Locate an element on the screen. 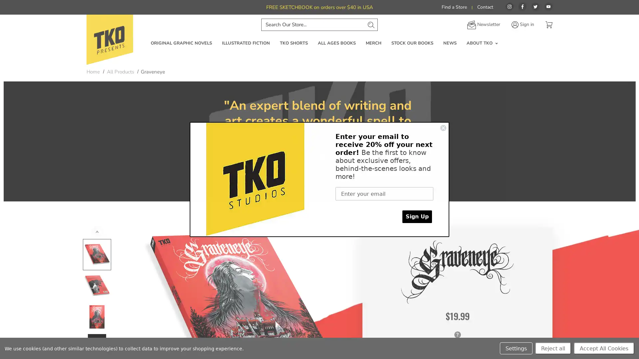  Sign Up is located at coordinates (417, 216).